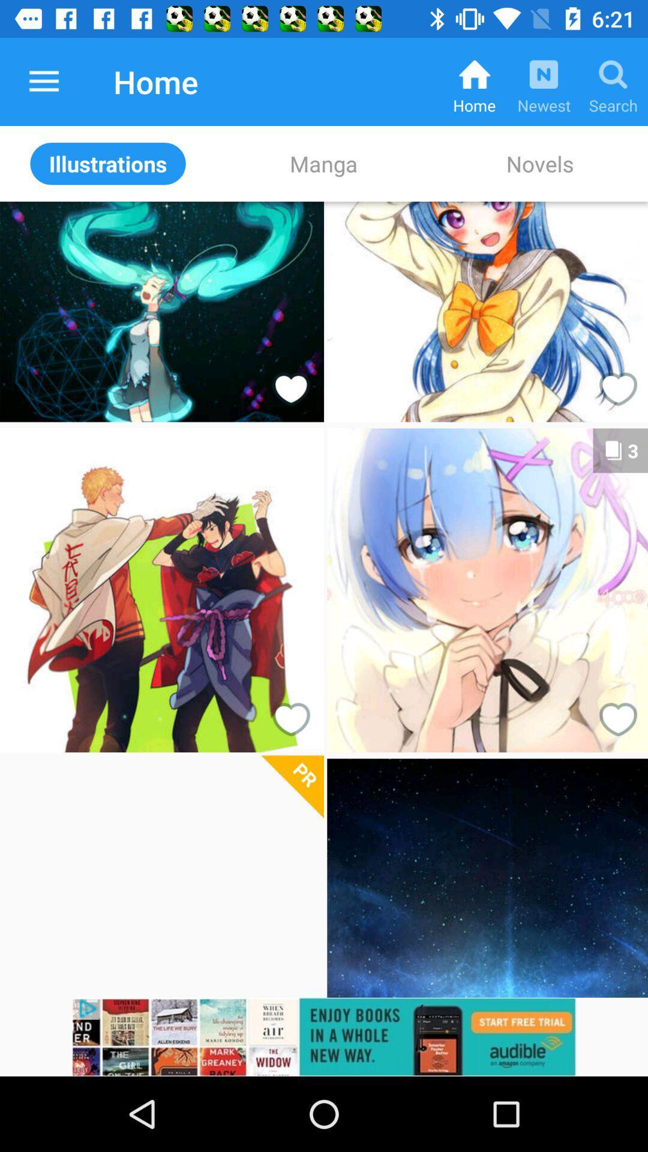 This screenshot has height=1152, width=648. What do you see at coordinates (161, 878) in the screenshot?
I see `picture` at bounding box center [161, 878].